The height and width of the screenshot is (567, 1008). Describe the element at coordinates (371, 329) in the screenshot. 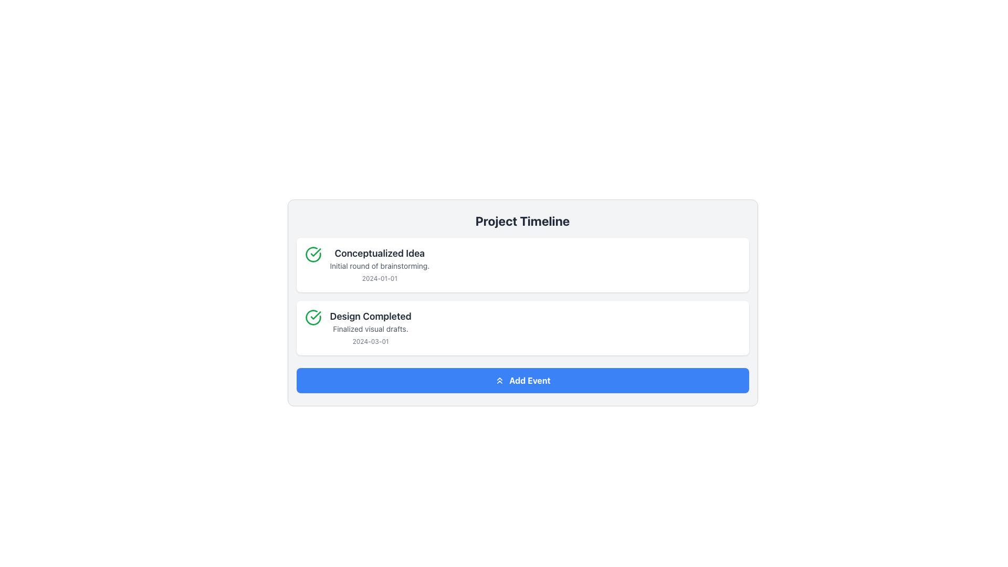

I see `the static text element that says 'Finalized visual drafts.' which is styled in gray and positioned below 'Design Completed' and above the date '2024-03-01'` at that location.